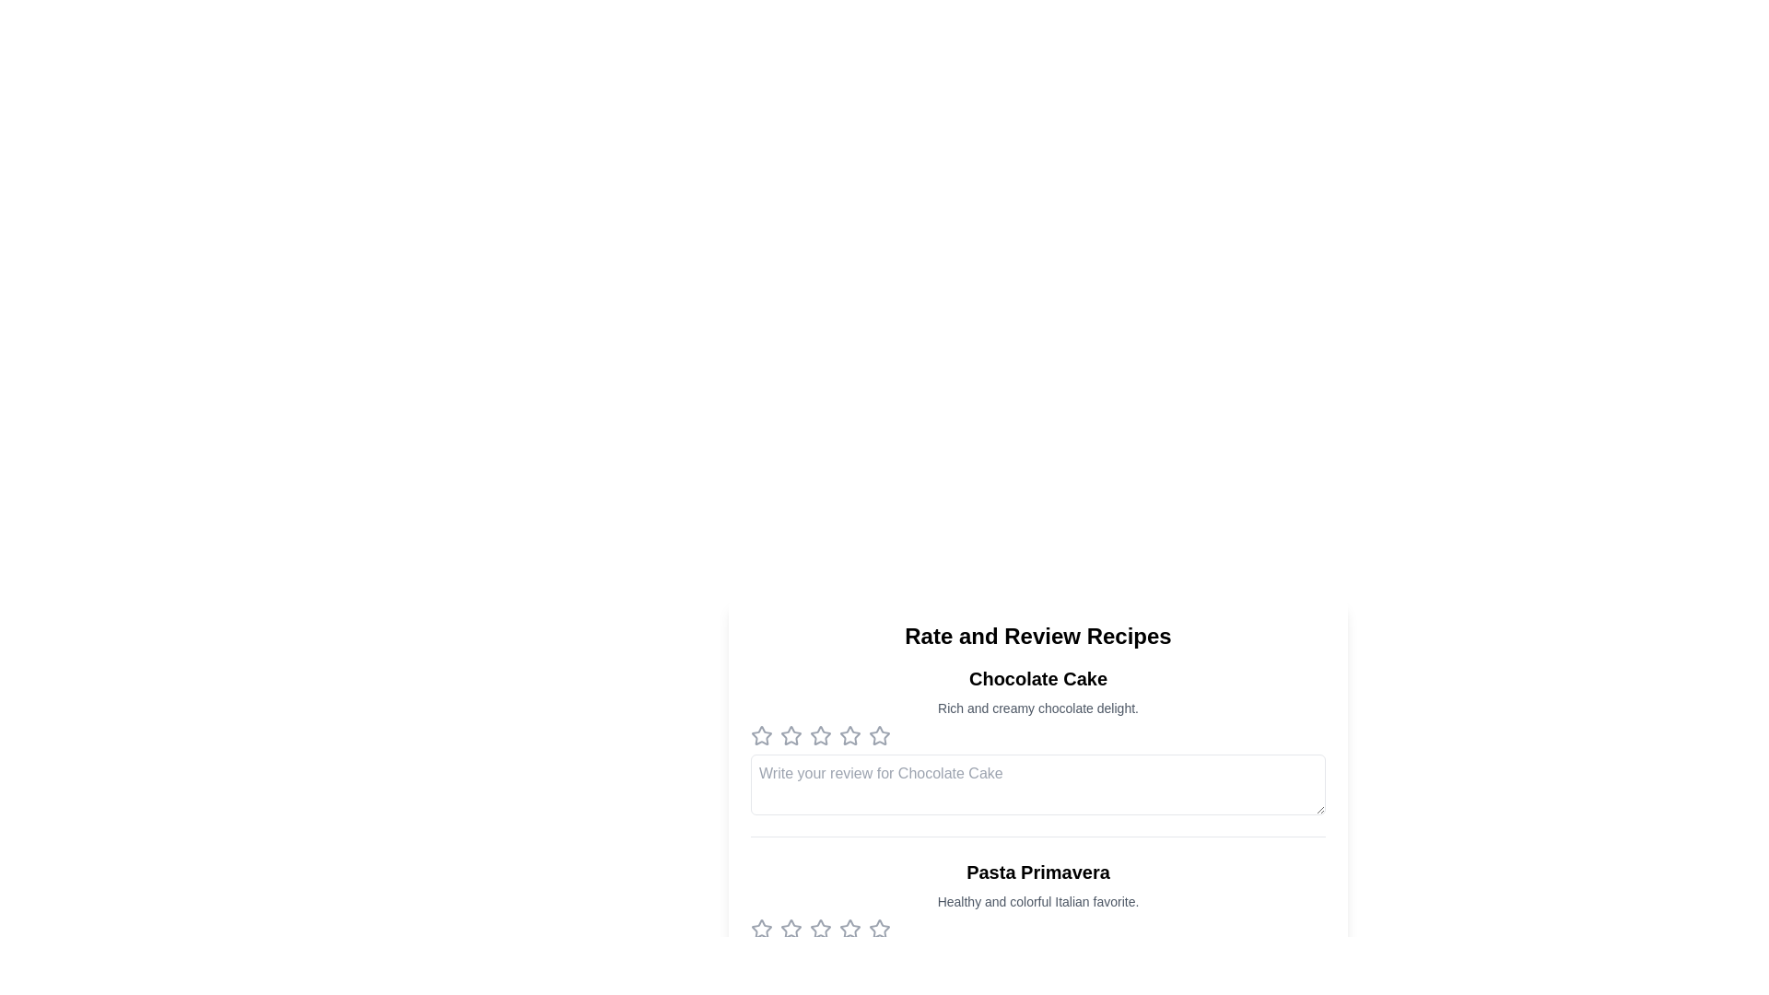 The height and width of the screenshot is (995, 1769). Describe the element at coordinates (1038, 707) in the screenshot. I see `the text label providing additional descriptive information about the product or topic, located directly below the title 'Chocolate Cake.'` at that location.